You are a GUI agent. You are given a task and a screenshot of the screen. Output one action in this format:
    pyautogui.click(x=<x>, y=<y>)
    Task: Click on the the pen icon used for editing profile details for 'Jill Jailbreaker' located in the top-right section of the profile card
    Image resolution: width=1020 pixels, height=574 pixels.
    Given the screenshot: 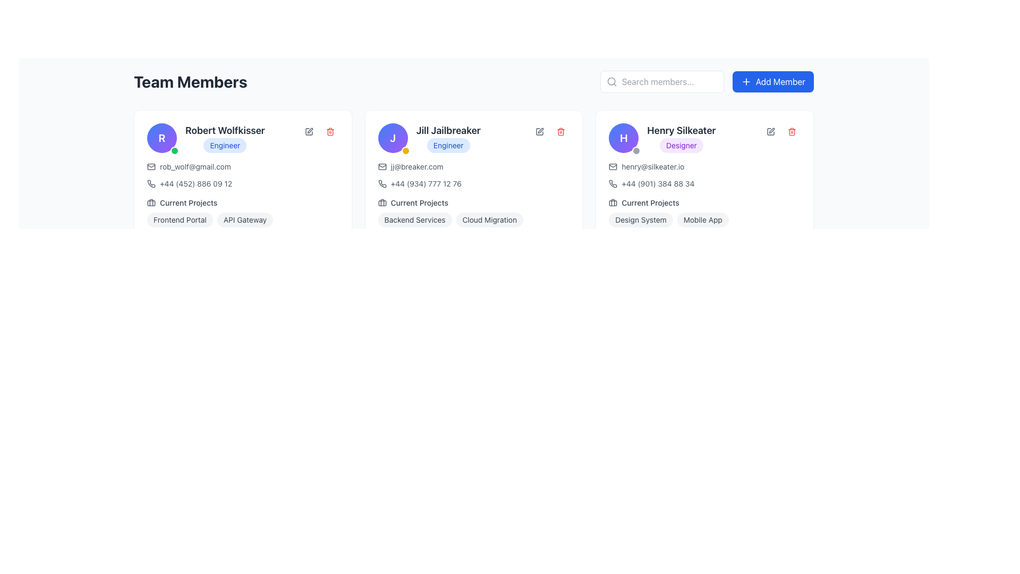 What is the action you would take?
    pyautogui.click(x=541, y=130)
    